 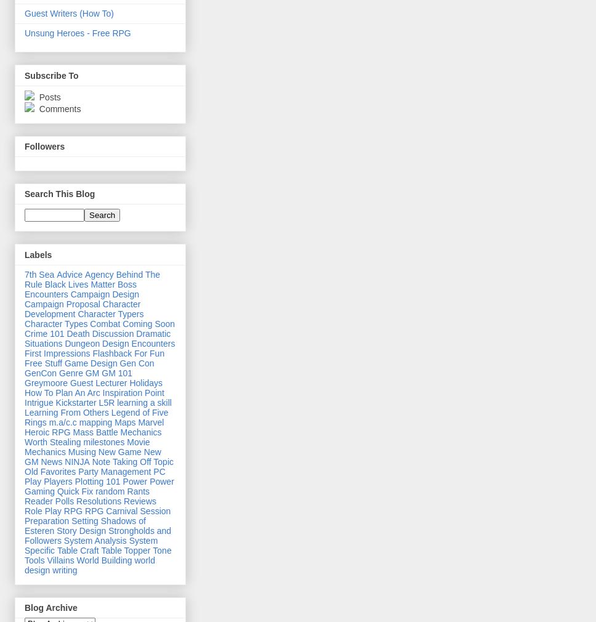 What do you see at coordinates (98, 274) in the screenshot?
I see `'Agency'` at bounding box center [98, 274].